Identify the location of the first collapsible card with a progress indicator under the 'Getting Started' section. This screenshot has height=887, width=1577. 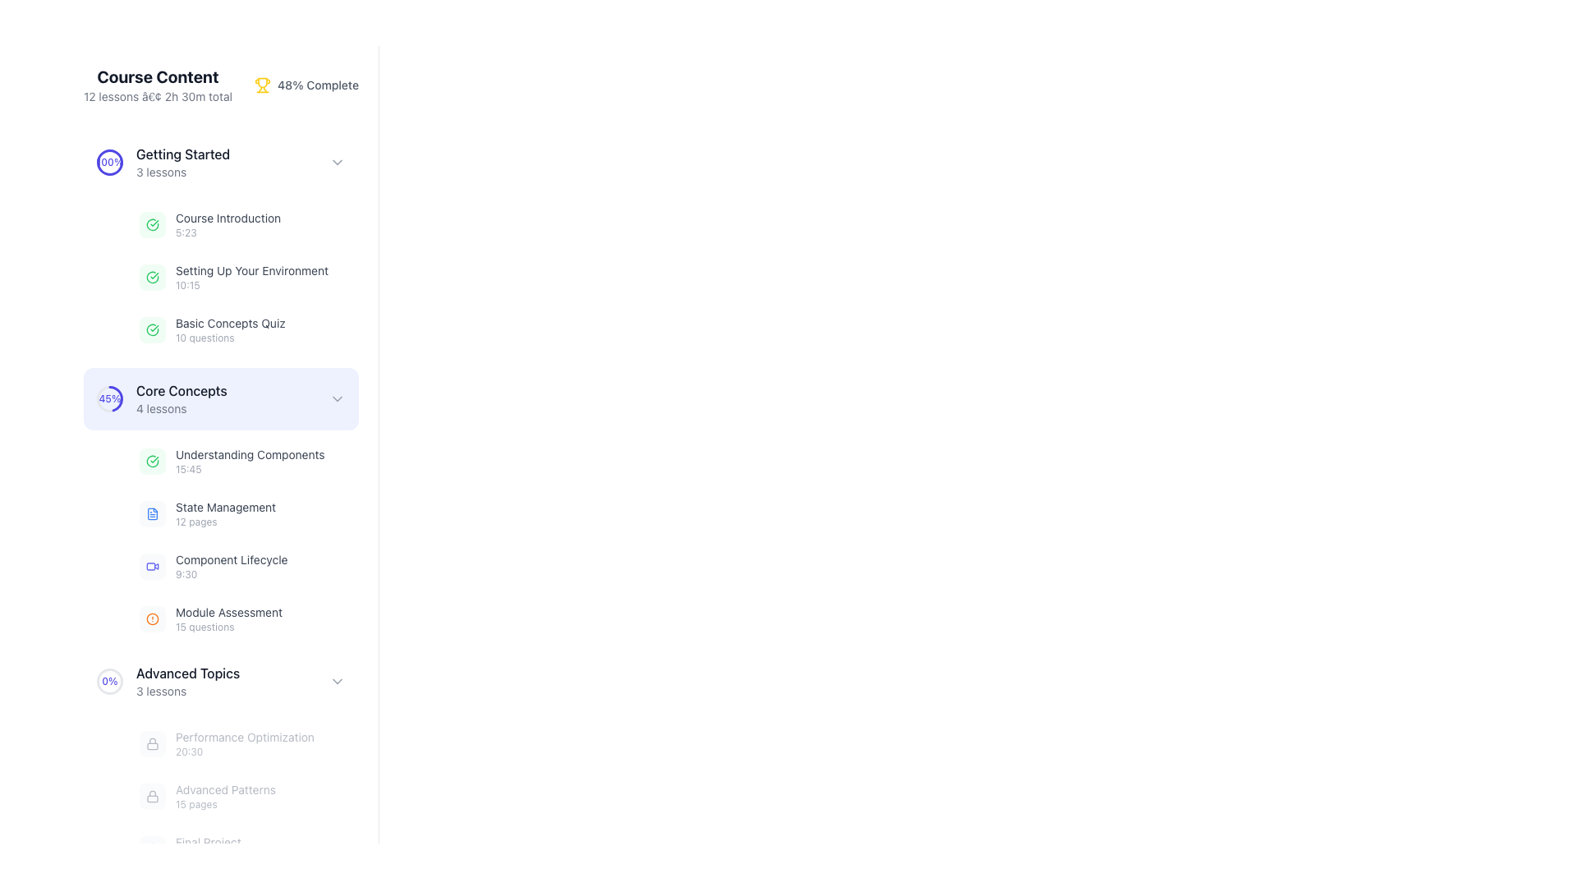
(220, 399).